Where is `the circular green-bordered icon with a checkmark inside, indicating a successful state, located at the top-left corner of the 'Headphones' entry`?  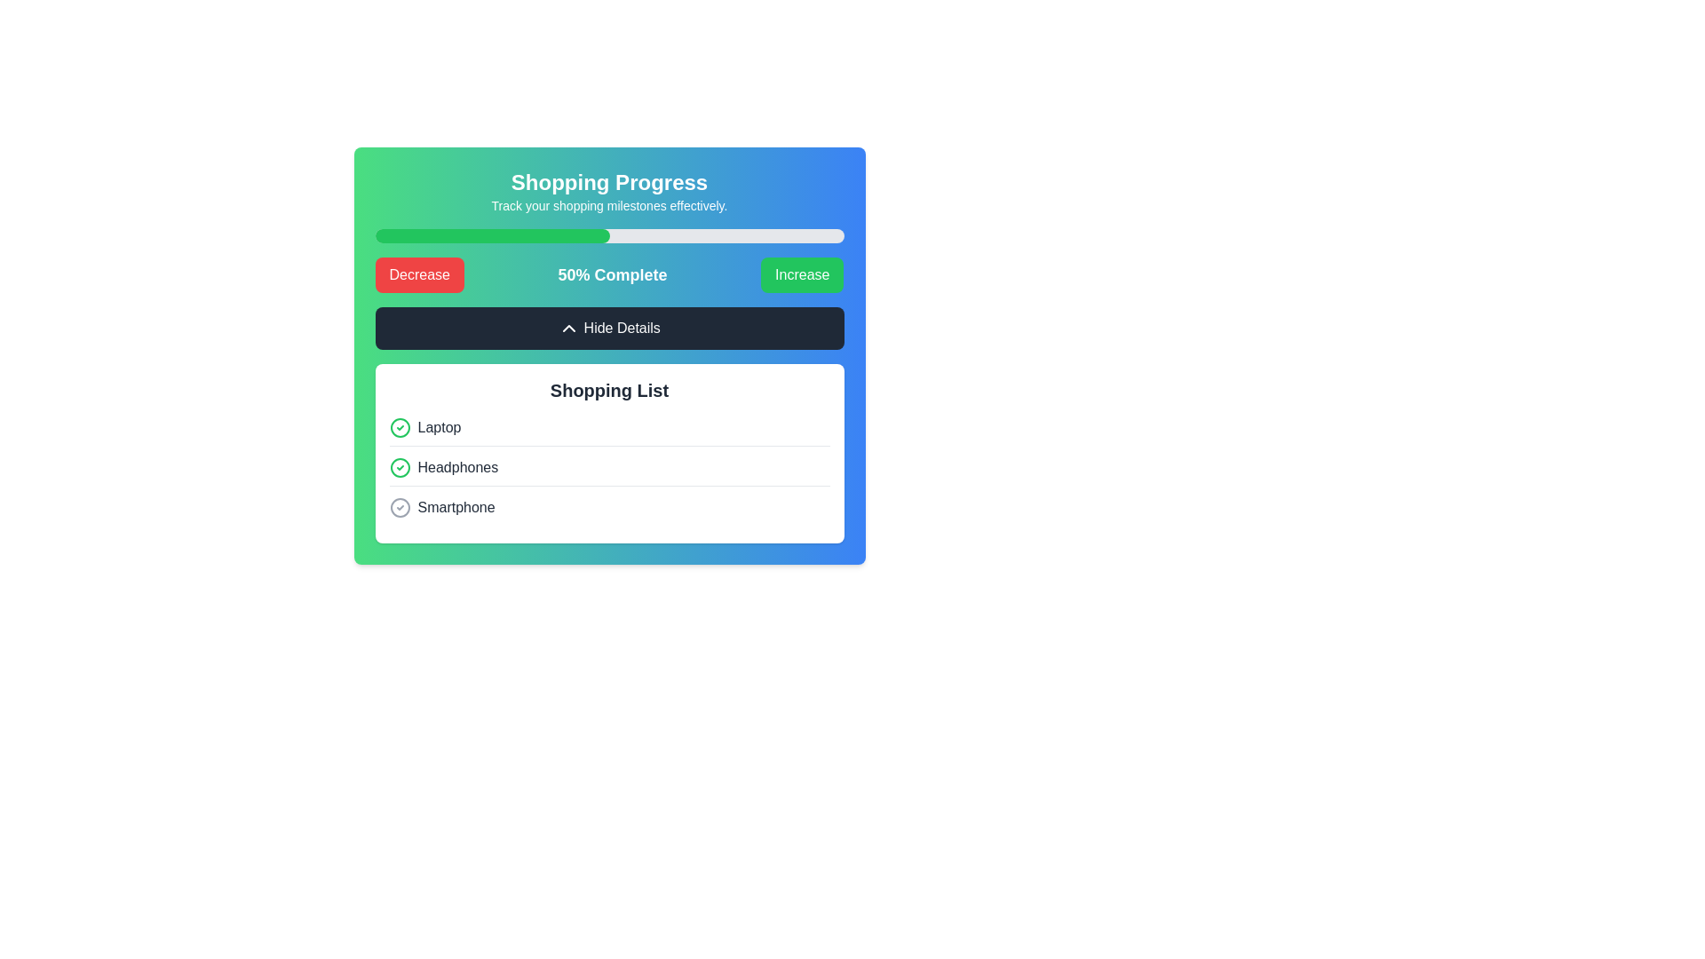 the circular green-bordered icon with a checkmark inside, indicating a successful state, located at the top-left corner of the 'Headphones' entry is located at coordinates (399, 467).